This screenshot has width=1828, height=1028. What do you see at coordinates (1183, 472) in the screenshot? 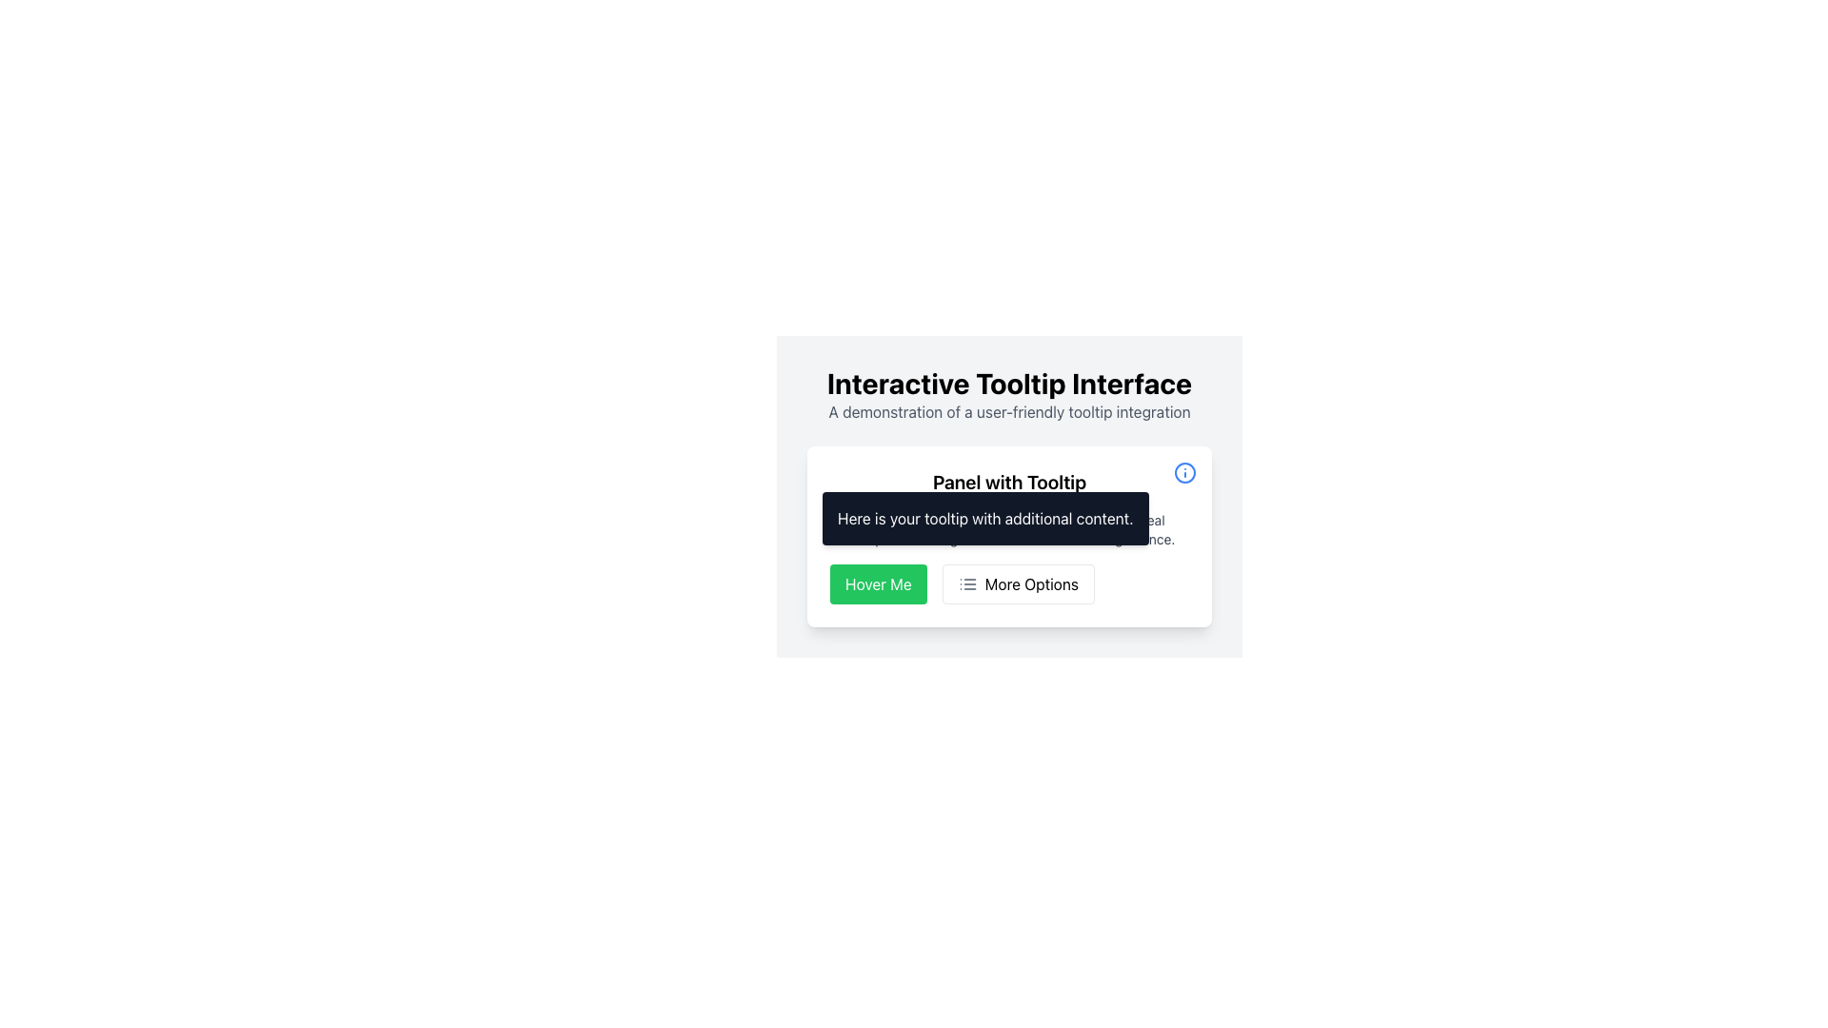
I see `the information icon, which is styled with a circular blue outline and located in the top-right corner of the content card` at bounding box center [1183, 472].